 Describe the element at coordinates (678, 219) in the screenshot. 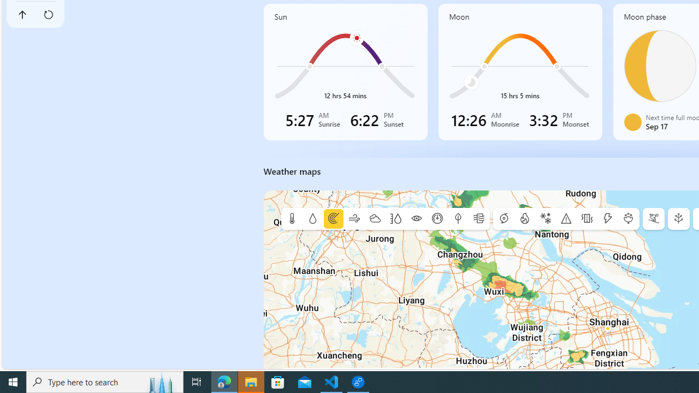

I see `'E-tree'` at that location.